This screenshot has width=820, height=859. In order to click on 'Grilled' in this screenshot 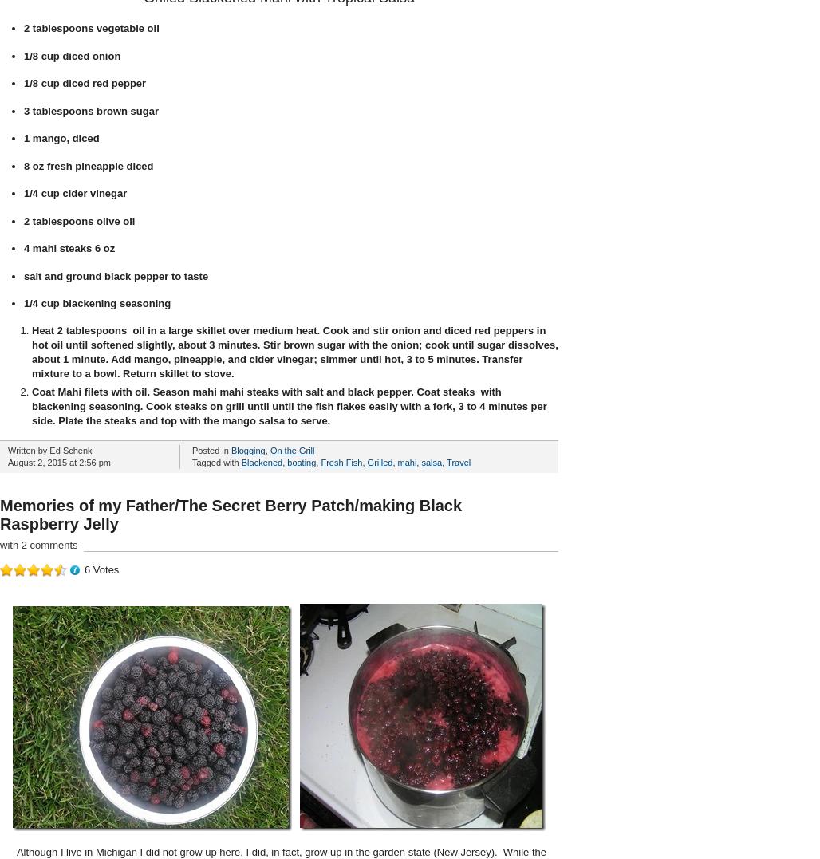, I will do `click(378, 461)`.